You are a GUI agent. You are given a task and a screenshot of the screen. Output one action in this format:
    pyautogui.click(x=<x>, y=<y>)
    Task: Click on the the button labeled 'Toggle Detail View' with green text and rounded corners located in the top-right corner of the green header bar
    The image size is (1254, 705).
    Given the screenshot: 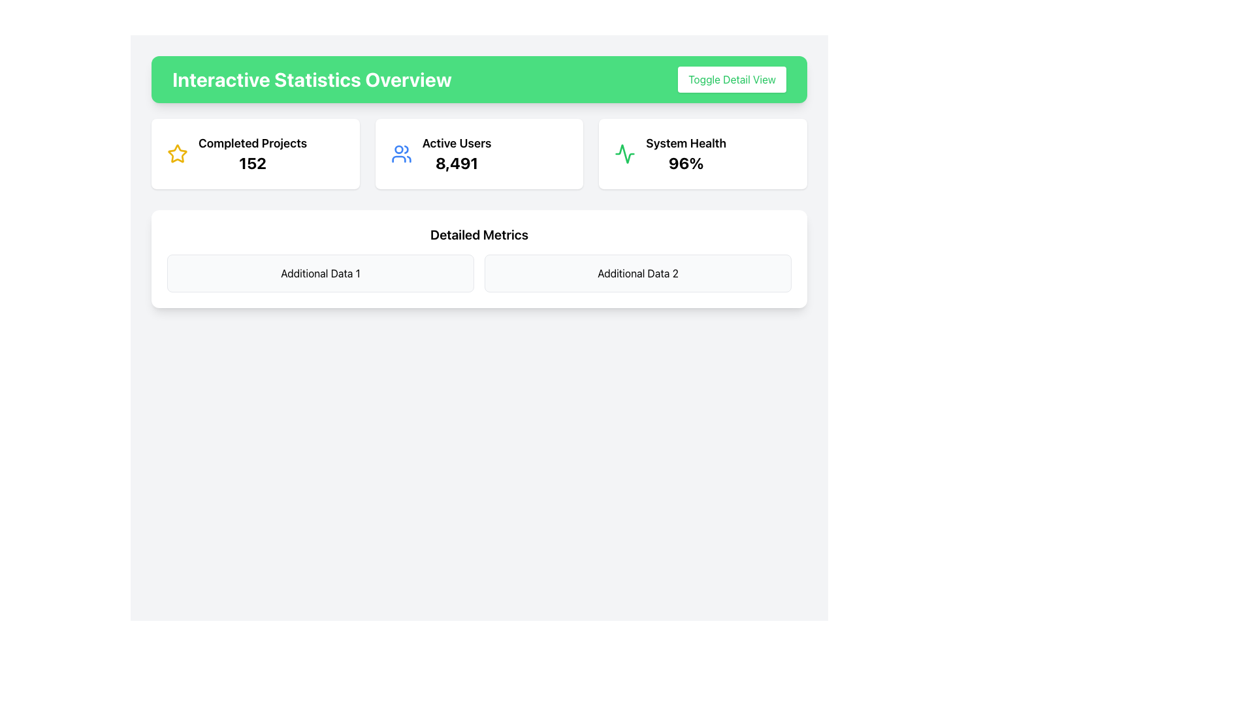 What is the action you would take?
    pyautogui.click(x=732, y=80)
    